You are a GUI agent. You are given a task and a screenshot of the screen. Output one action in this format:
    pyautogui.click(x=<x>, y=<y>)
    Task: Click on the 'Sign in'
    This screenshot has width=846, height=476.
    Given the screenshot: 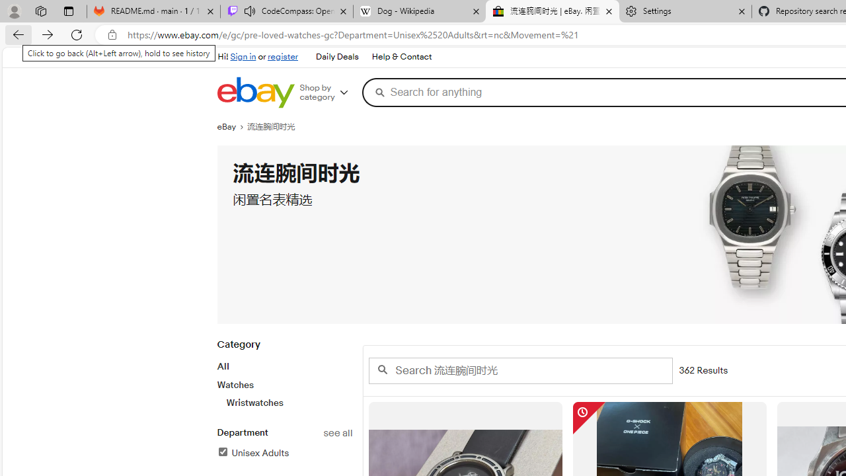 What is the action you would take?
    pyautogui.click(x=243, y=56)
    